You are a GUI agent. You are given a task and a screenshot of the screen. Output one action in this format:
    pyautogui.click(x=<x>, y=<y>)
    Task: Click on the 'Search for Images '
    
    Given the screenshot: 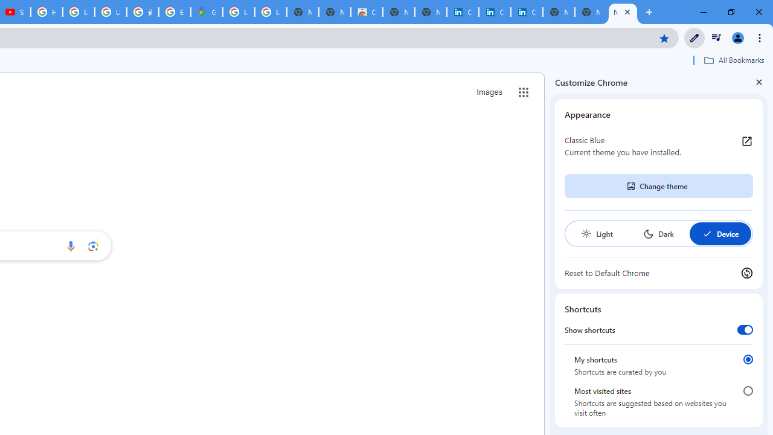 What is the action you would take?
    pyautogui.click(x=489, y=92)
    